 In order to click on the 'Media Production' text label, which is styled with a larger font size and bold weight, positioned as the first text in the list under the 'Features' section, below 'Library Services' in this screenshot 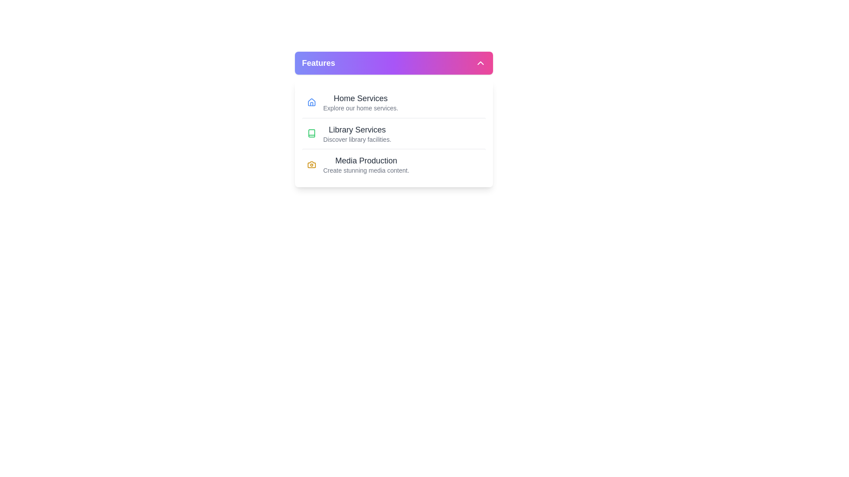, I will do `click(366, 160)`.